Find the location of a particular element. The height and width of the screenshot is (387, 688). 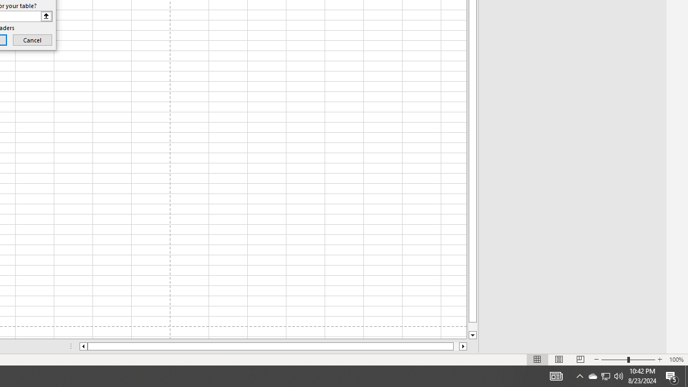

'Page right' is located at coordinates (456, 346).